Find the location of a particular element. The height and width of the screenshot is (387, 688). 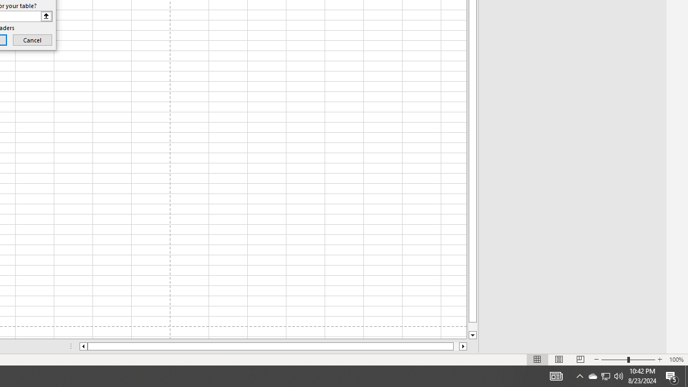

'Page right' is located at coordinates (456, 346).